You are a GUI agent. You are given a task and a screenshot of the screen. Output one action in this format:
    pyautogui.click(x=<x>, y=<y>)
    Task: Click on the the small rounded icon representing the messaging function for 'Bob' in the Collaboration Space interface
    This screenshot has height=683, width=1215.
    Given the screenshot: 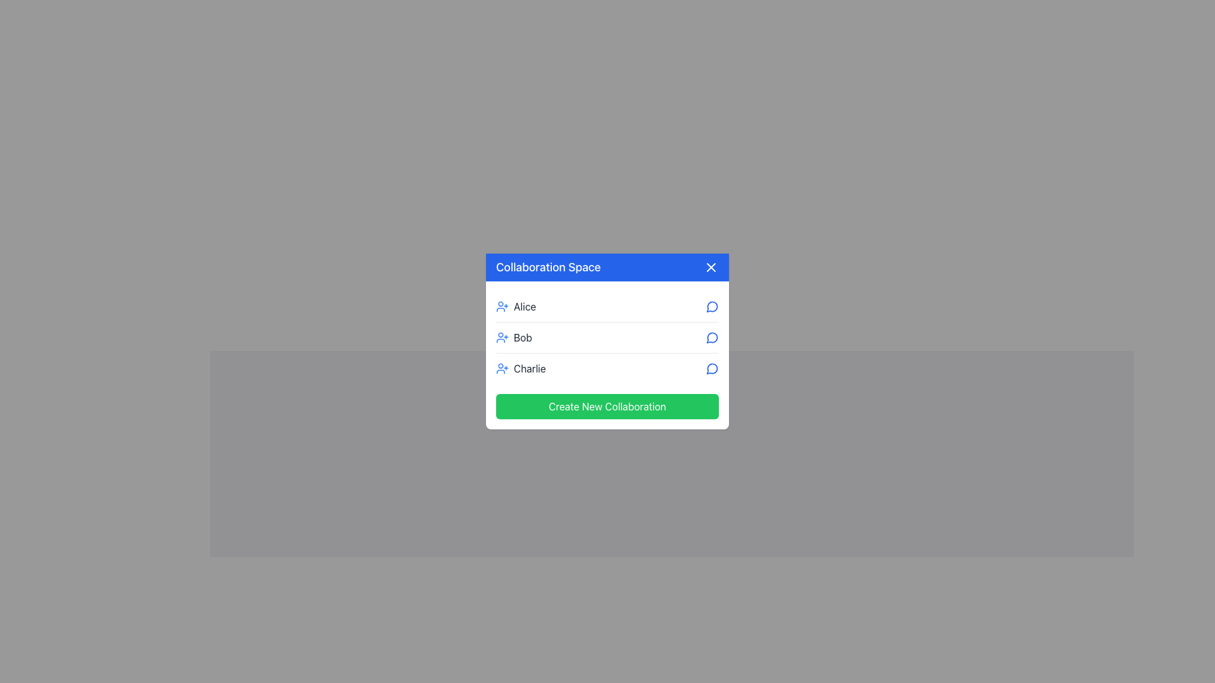 What is the action you would take?
    pyautogui.click(x=712, y=337)
    